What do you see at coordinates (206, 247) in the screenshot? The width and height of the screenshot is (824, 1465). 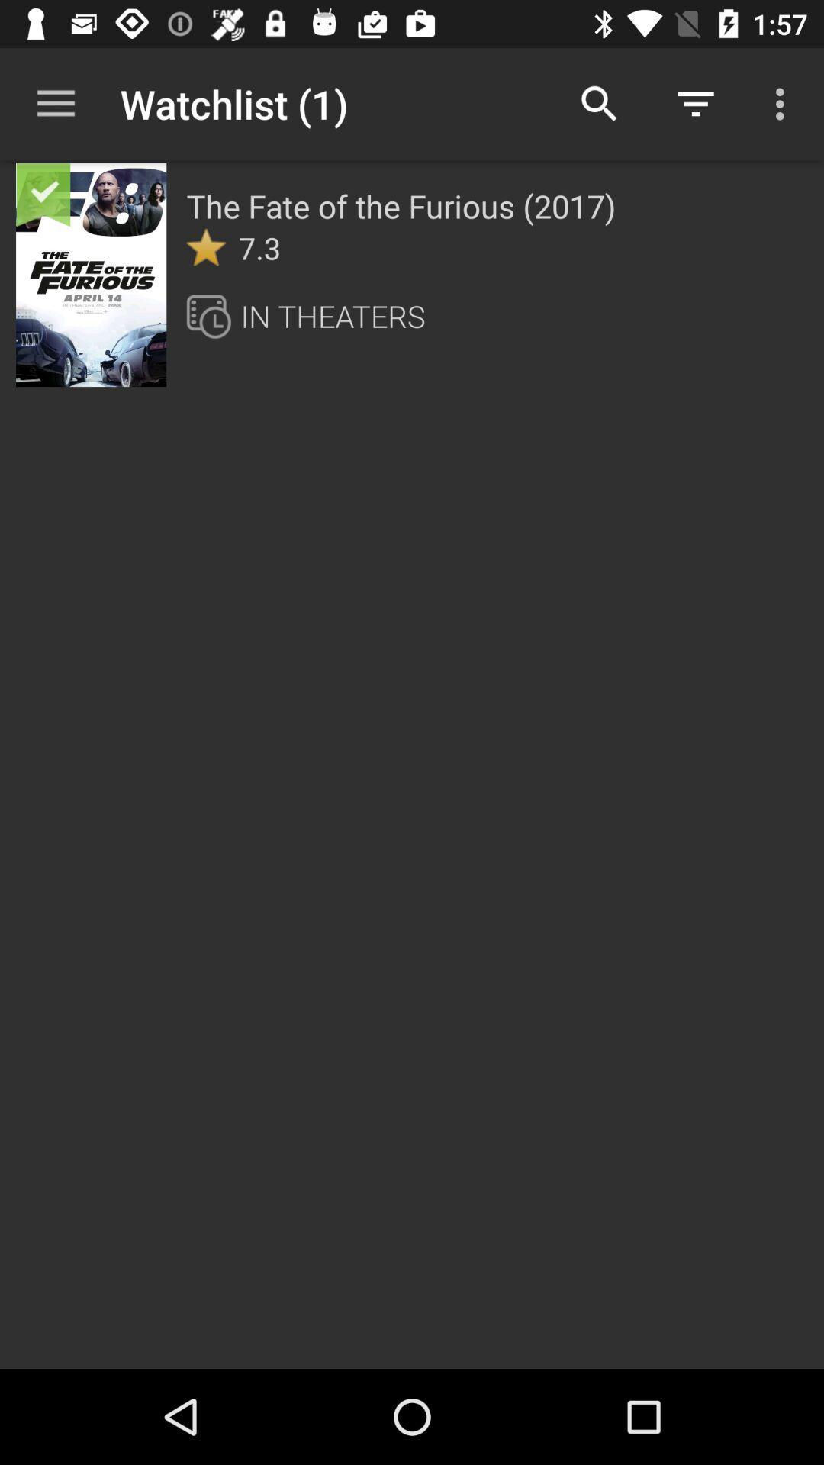 I see `icon next to the 7.3 icon` at bounding box center [206, 247].